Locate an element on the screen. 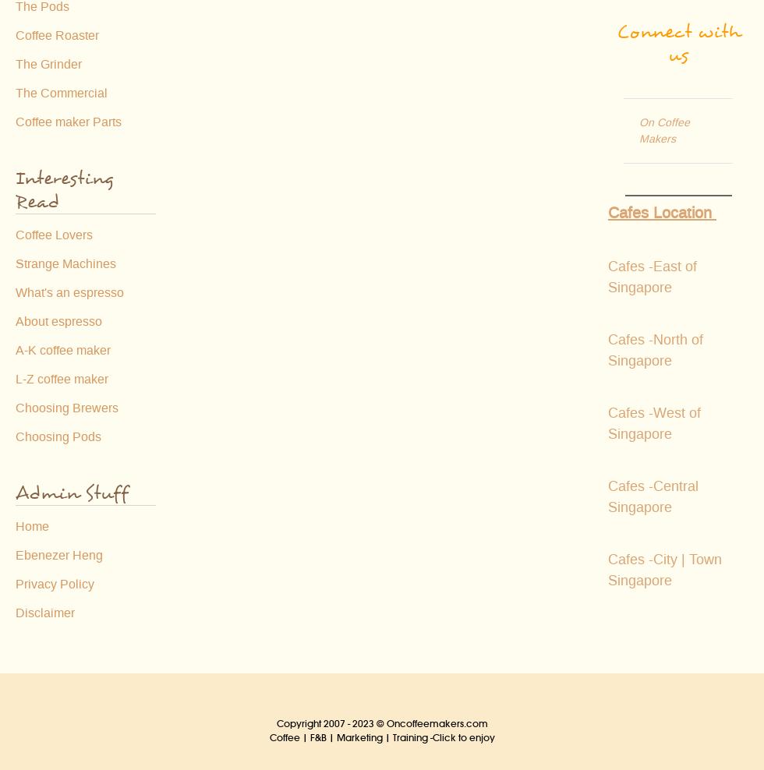  'Disclaimer' is located at coordinates (15, 613).